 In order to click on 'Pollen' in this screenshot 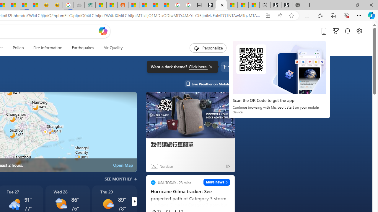, I will do `click(18, 48)`.